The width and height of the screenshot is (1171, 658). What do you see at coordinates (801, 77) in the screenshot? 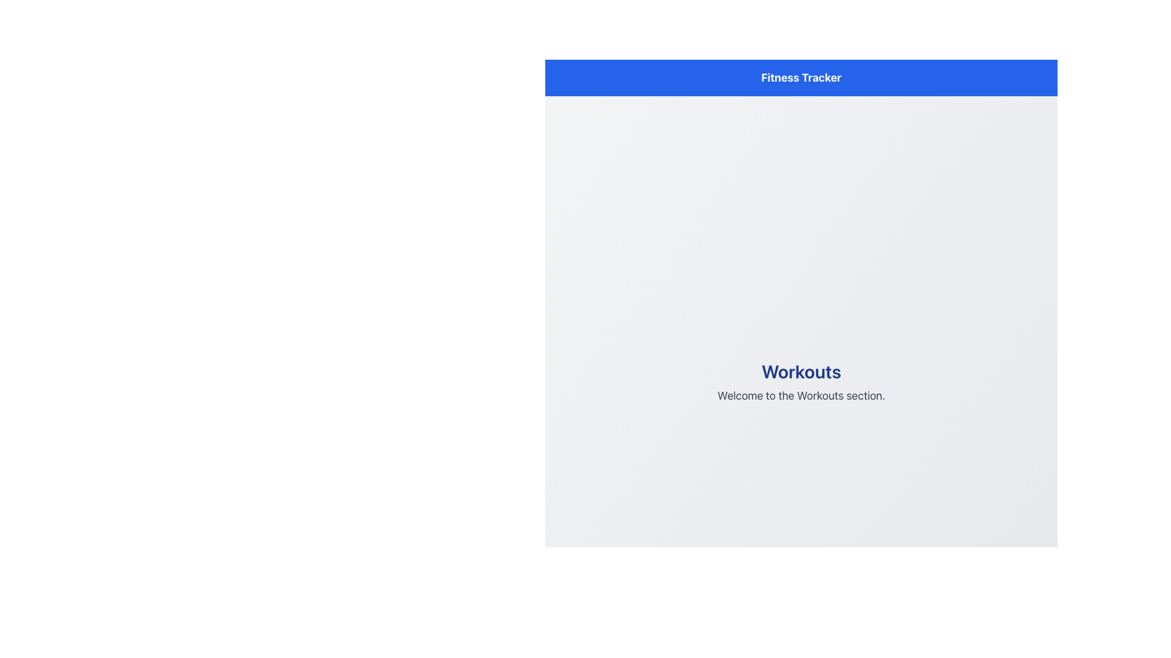
I see `the bold text banner displaying 'Fitness Tracker' at the top of the interface` at bounding box center [801, 77].